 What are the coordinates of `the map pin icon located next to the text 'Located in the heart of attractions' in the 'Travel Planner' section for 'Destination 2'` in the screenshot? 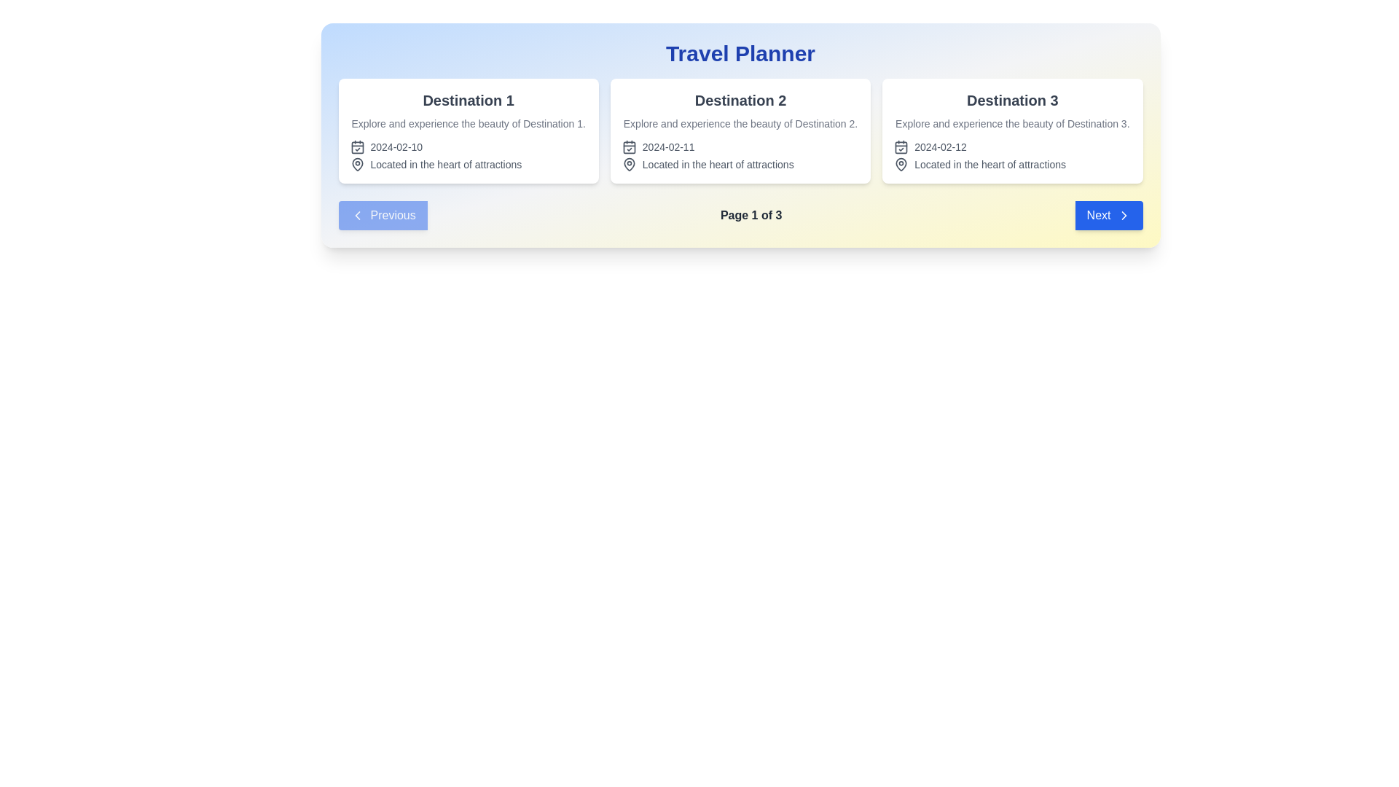 It's located at (629, 164).